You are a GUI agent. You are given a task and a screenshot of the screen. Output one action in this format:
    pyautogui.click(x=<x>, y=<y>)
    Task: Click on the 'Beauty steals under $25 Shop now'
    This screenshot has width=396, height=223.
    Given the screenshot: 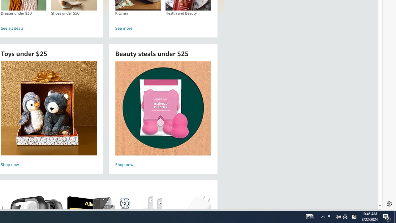 What is the action you would take?
    pyautogui.click(x=163, y=115)
    